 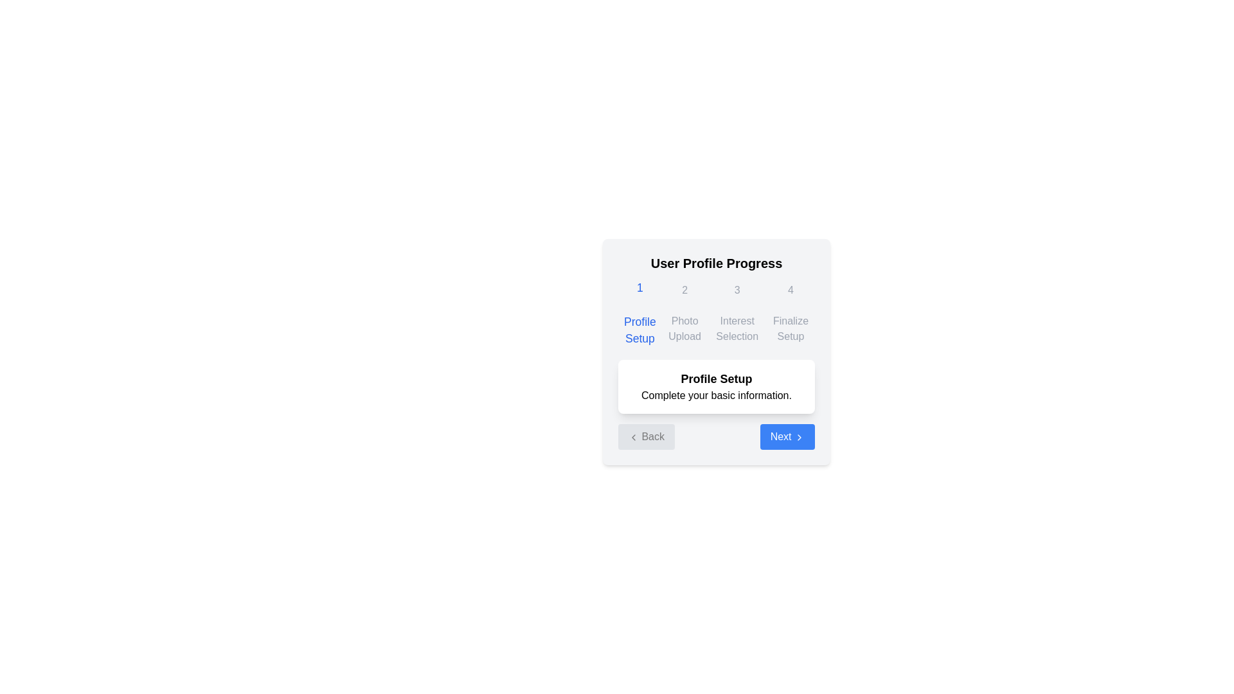 I want to click on the visual indicator for the fourth step in the sequential setup process, located above the 'Finalize Setup' label, to provide context regarding user progress, so click(x=790, y=295).